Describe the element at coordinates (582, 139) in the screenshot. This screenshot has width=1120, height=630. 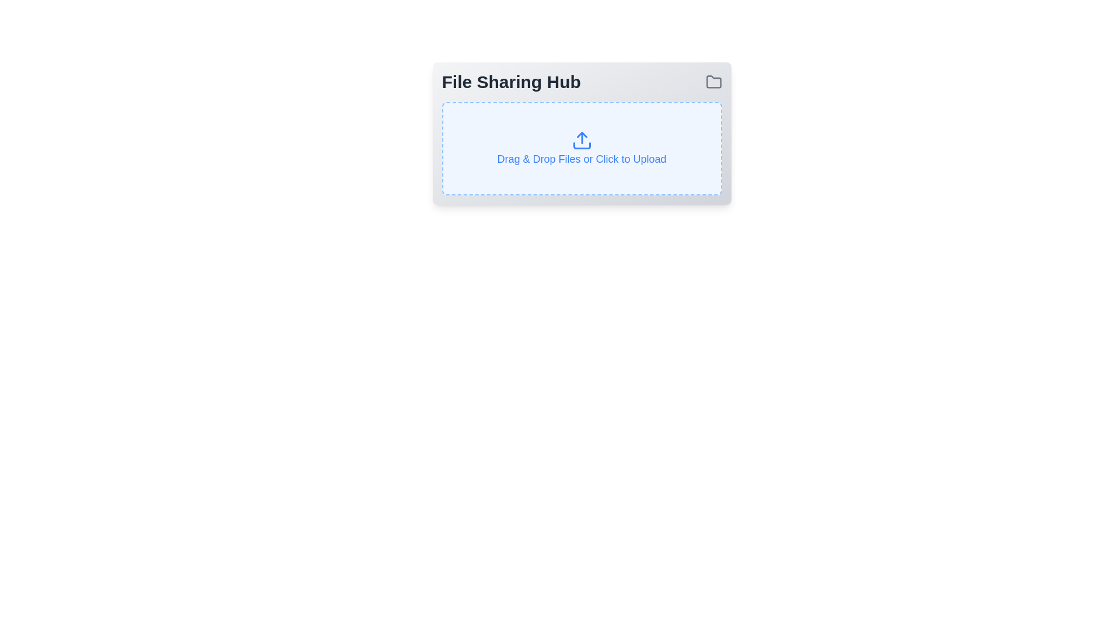
I see `the graphical icon in the 'File Sharing Hub' area to initiate file upload` at that location.